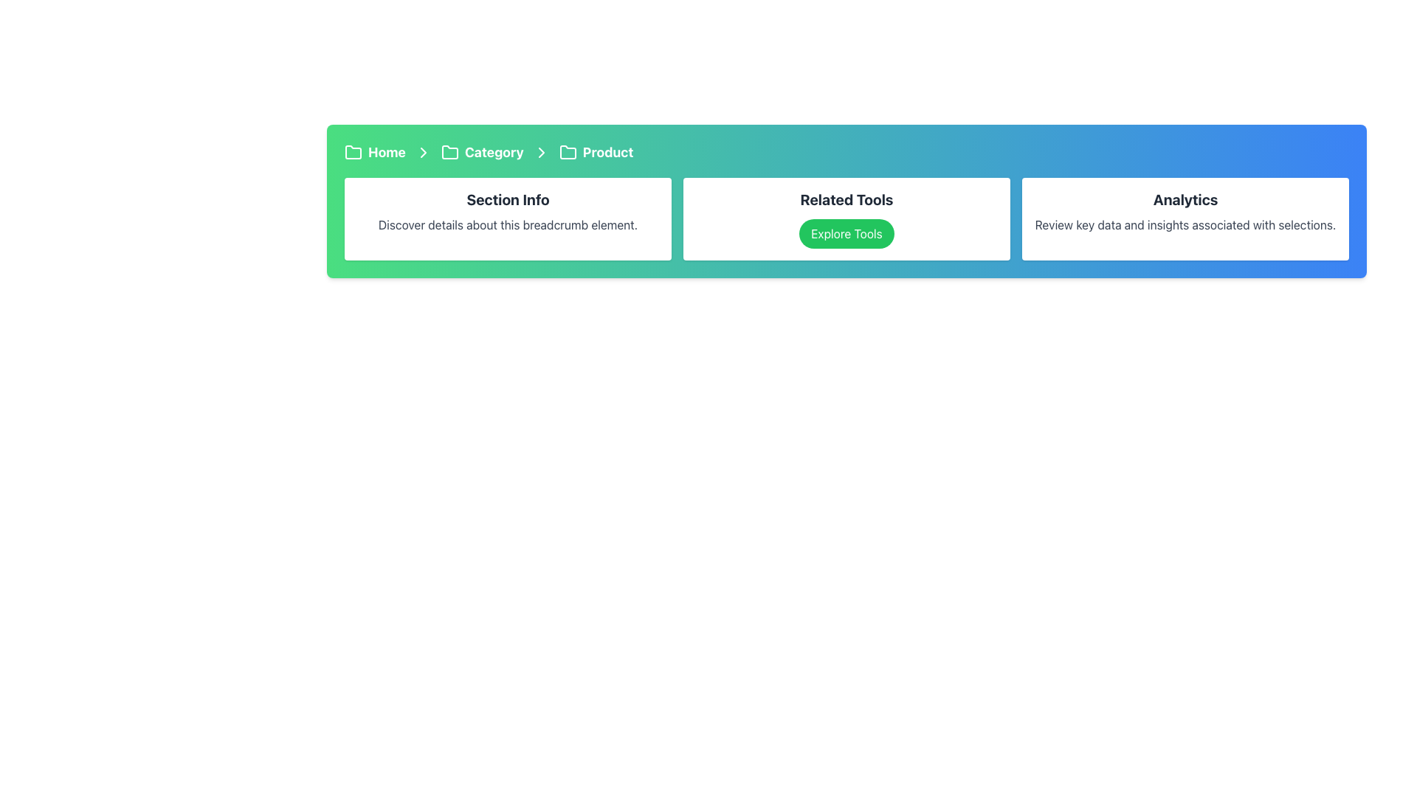  Describe the element at coordinates (847, 219) in the screenshot. I see `text in the panel titled 'Related Tools' to understand its purpose, which contains a button labeled 'Explore Tools'` at that location.